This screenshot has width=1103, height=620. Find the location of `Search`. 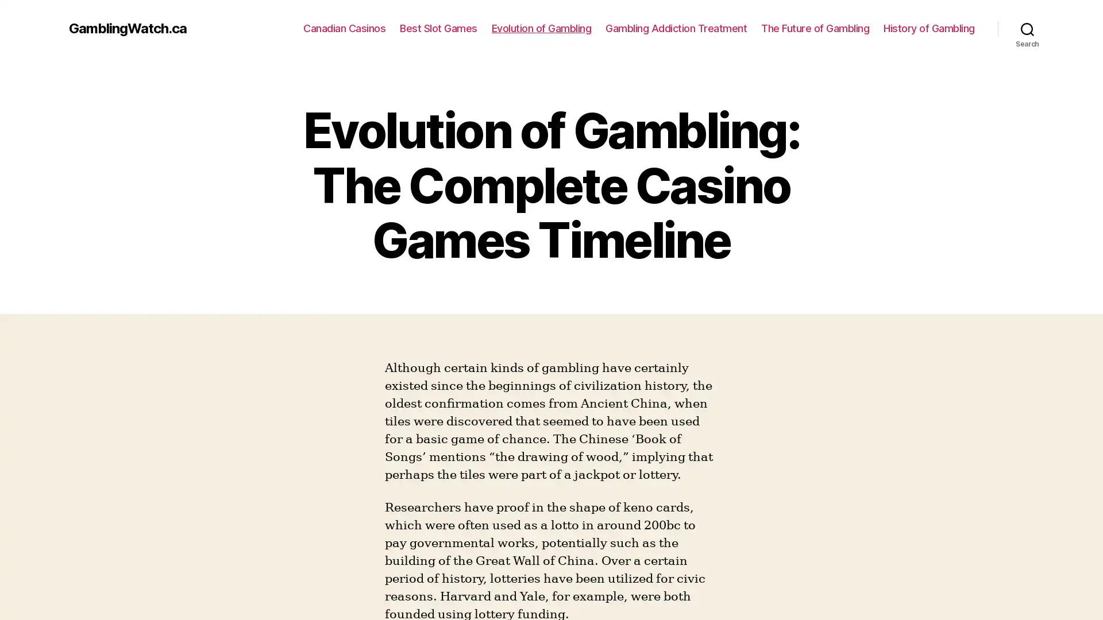

Search is located at coordinates (1027, 28).